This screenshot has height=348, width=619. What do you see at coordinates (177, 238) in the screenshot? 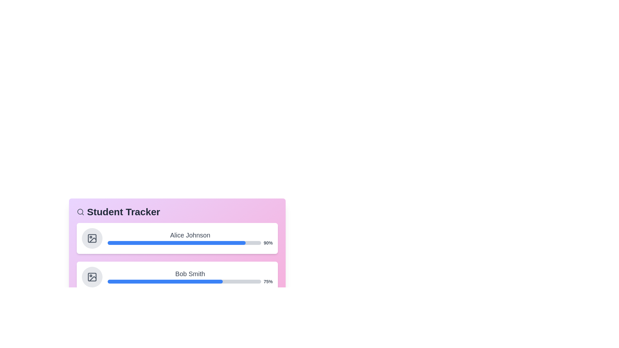
I see `the progress bar of Alice Johnson to view their details` at bounding box center [177, 238].